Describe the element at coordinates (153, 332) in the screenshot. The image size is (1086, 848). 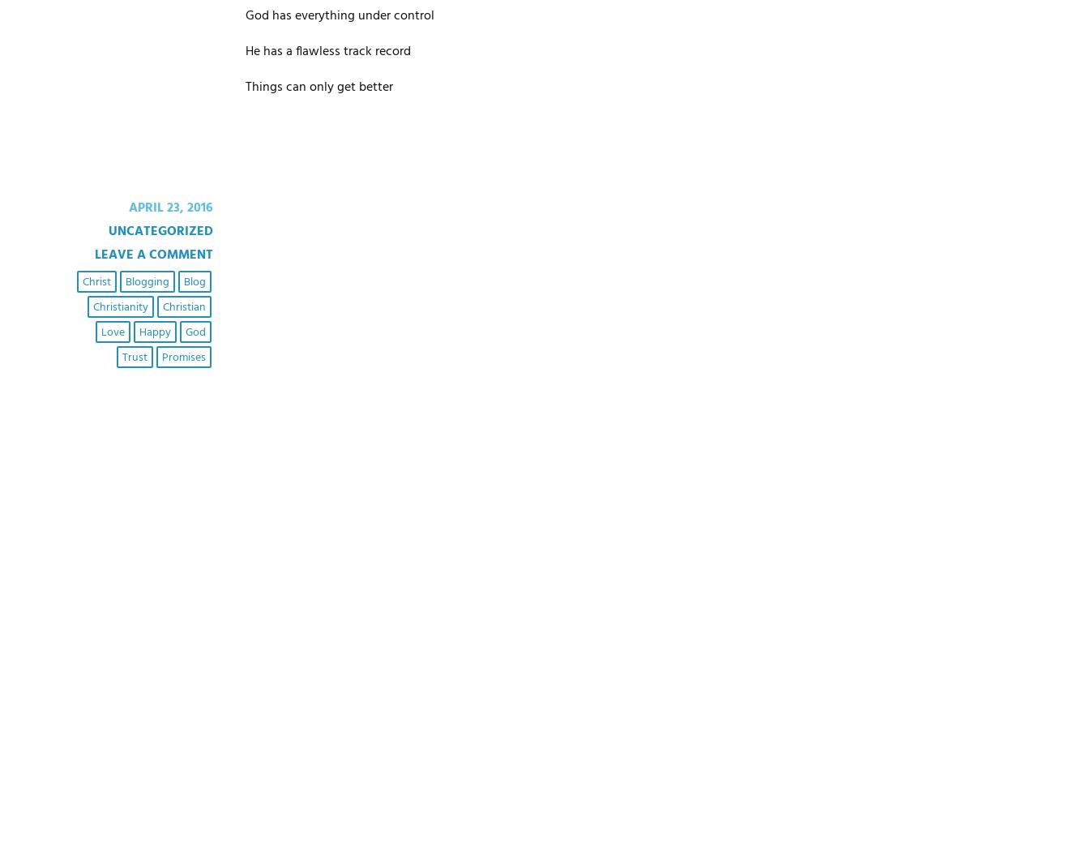
I see `'Happy'` at that location.